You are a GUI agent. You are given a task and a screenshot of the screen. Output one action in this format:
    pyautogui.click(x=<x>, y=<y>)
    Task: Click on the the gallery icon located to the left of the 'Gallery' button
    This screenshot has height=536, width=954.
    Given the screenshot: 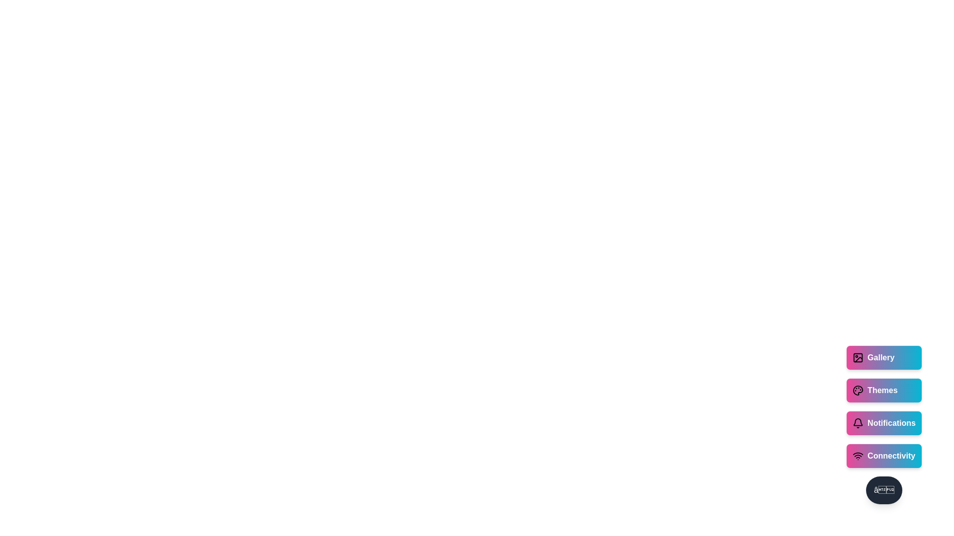 What is the action you would take?
    pyautogui.click(x=858, y=358)
    